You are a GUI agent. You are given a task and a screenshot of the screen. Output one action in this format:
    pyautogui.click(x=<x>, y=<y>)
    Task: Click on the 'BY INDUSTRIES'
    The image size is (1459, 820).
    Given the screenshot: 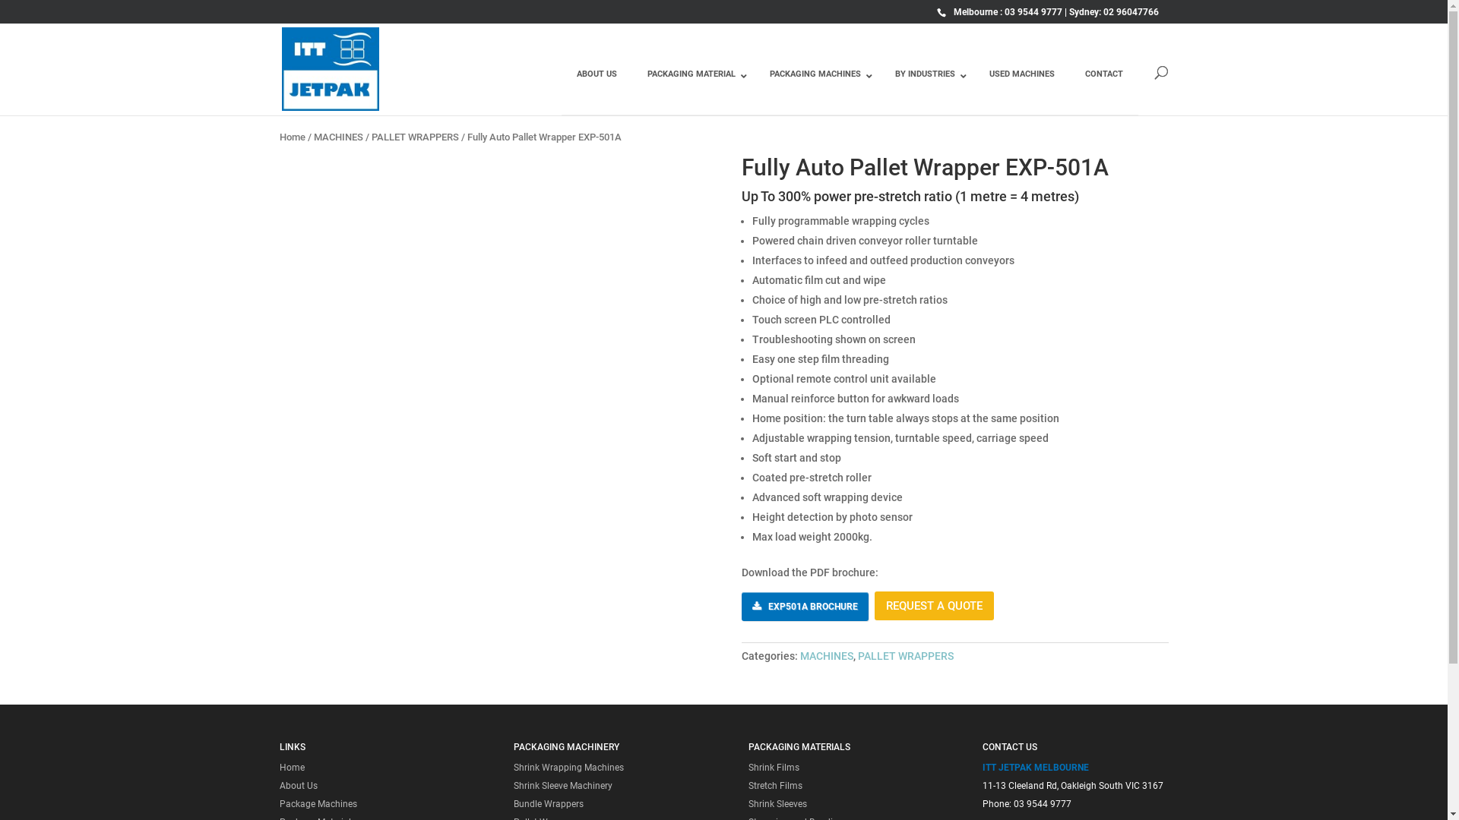 What is the action you would take?
    pyautogui.click(x=926, y=85)
    